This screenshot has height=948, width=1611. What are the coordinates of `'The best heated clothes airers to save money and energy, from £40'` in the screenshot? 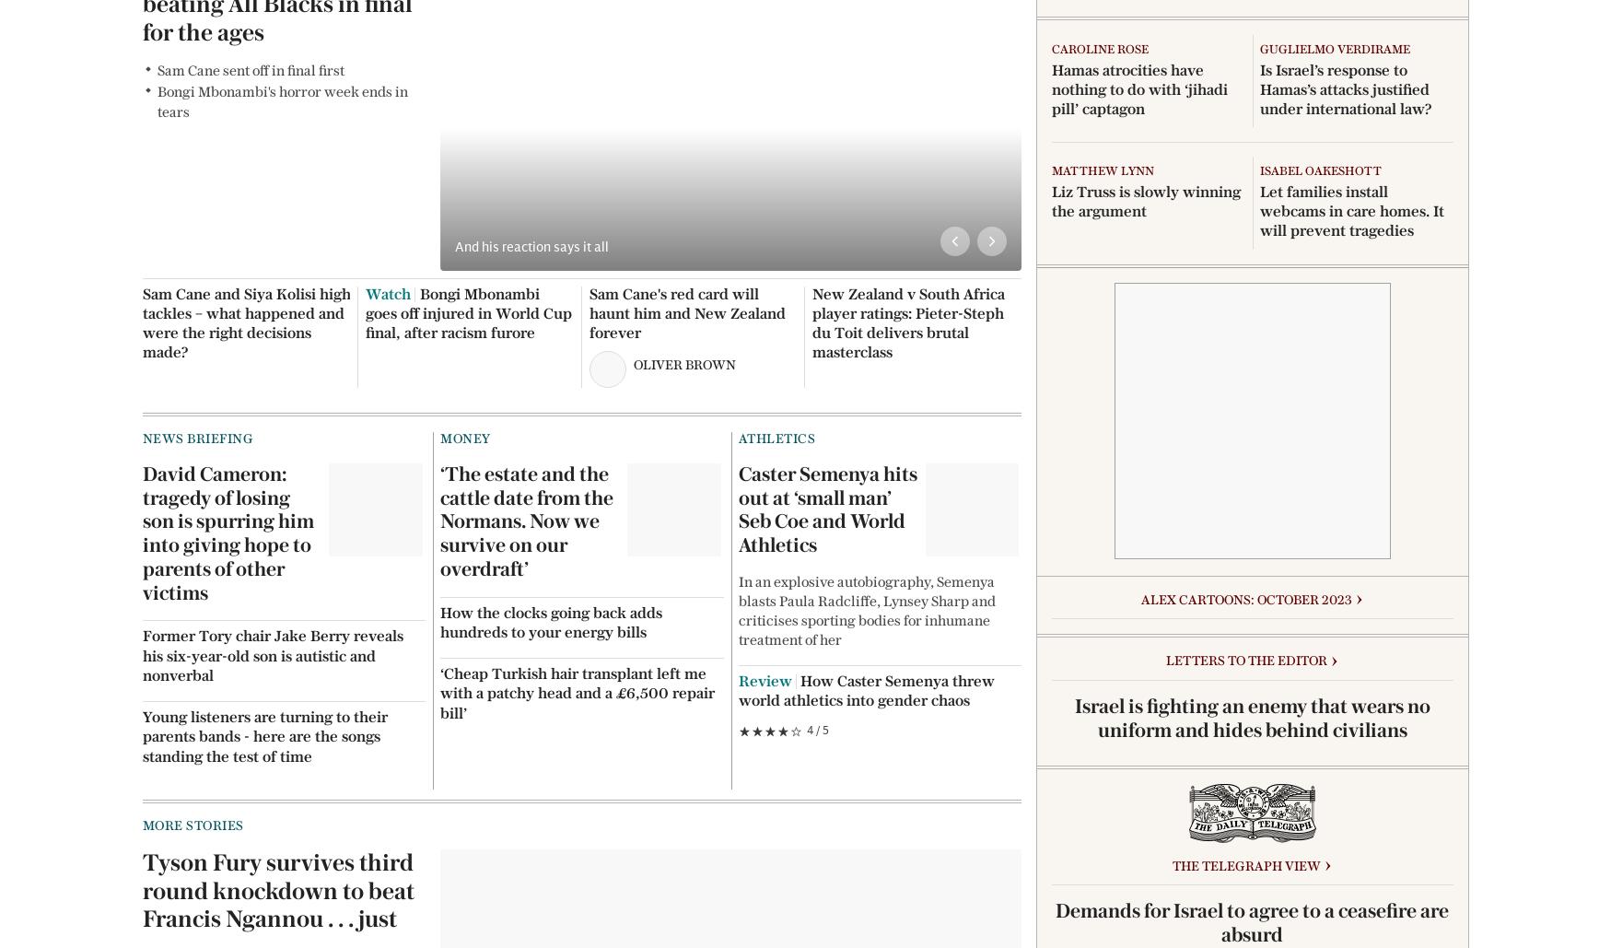 It's located at (1258, 745).